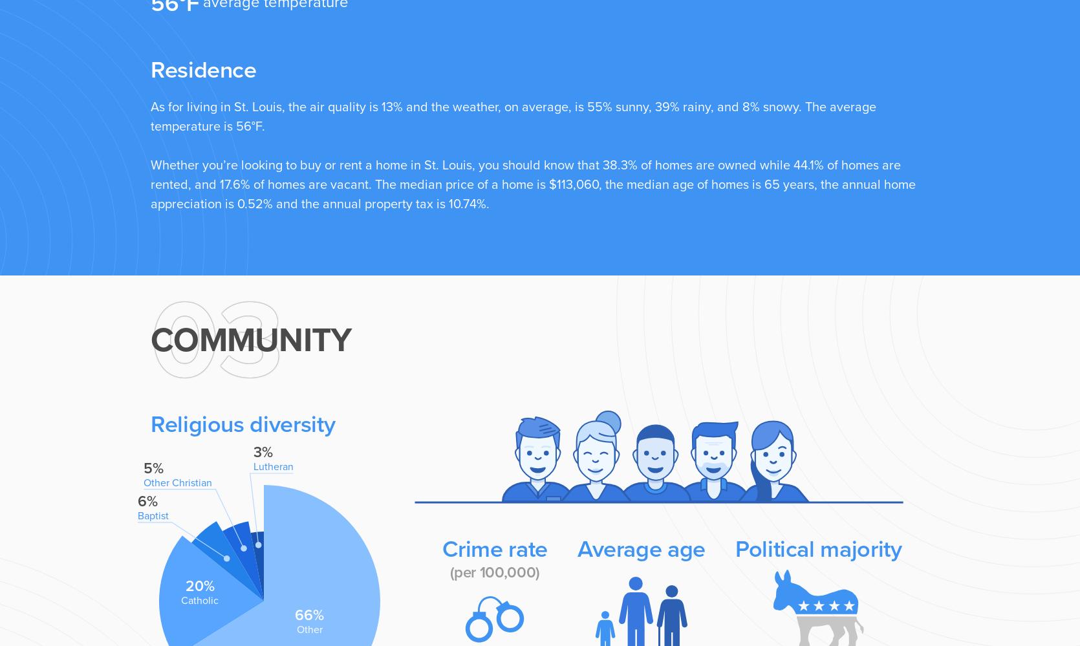  What do you see at coordinates (152, 515) in the screenshot?
I see `'Baptist'` at bounding box center [152, 515].